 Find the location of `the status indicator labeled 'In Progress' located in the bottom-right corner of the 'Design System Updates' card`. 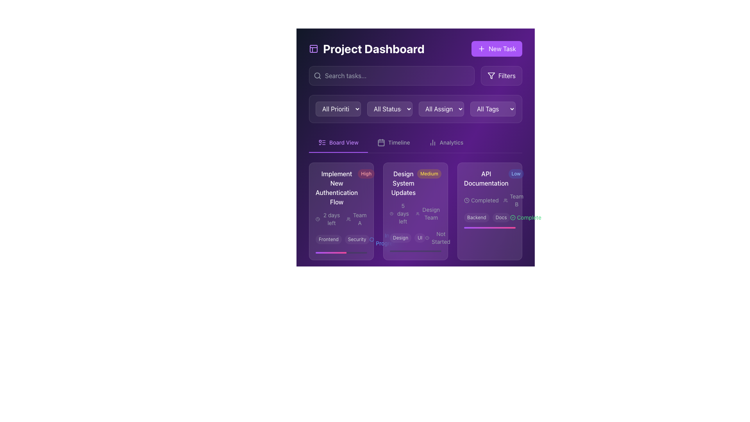

the status indicator labeled 'In Progress' located in the bottom-right corner of the 'Design System Updates' card is located at coordinates (385, 328).